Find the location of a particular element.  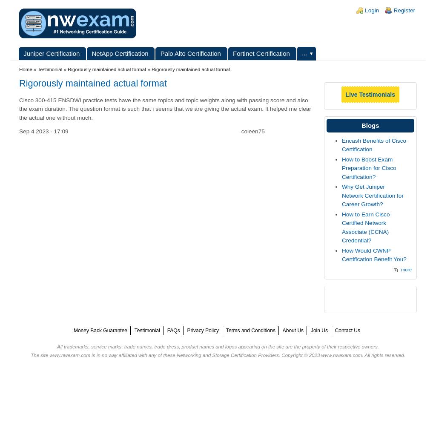

'Terms and Conditions' is located at coordinates (250, 331).